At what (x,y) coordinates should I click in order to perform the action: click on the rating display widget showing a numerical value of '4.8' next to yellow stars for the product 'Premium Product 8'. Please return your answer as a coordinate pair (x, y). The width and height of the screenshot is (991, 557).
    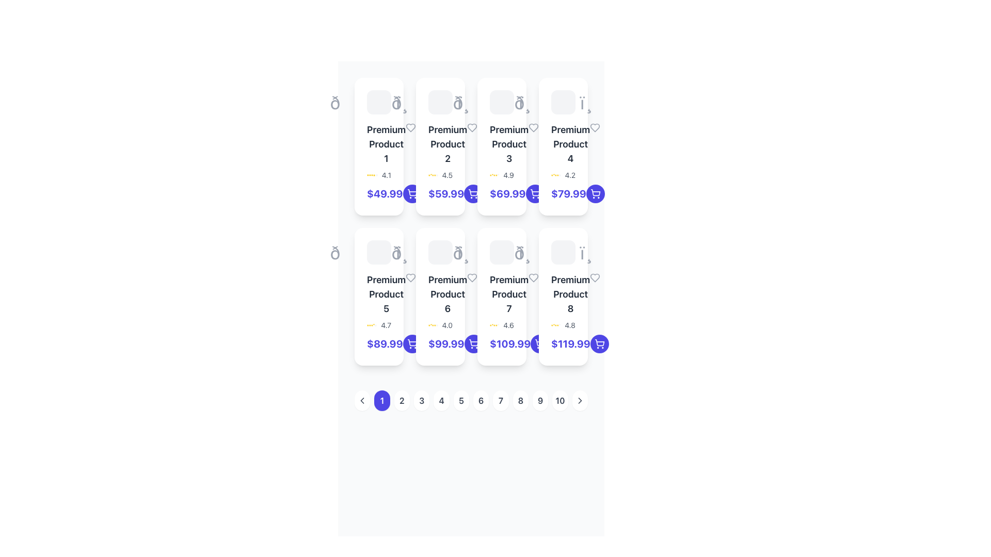
    Looking at the image, I should click on (563, 325).